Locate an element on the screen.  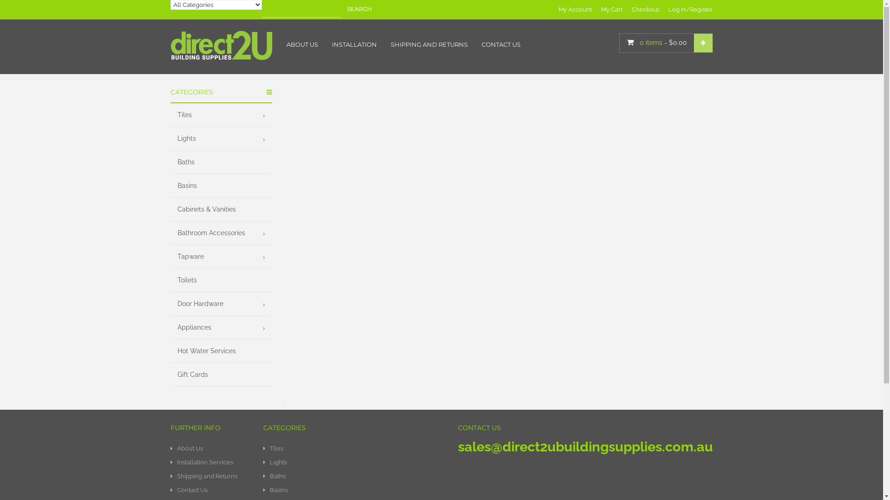
'About Us' is located at coordinates (171, 448).